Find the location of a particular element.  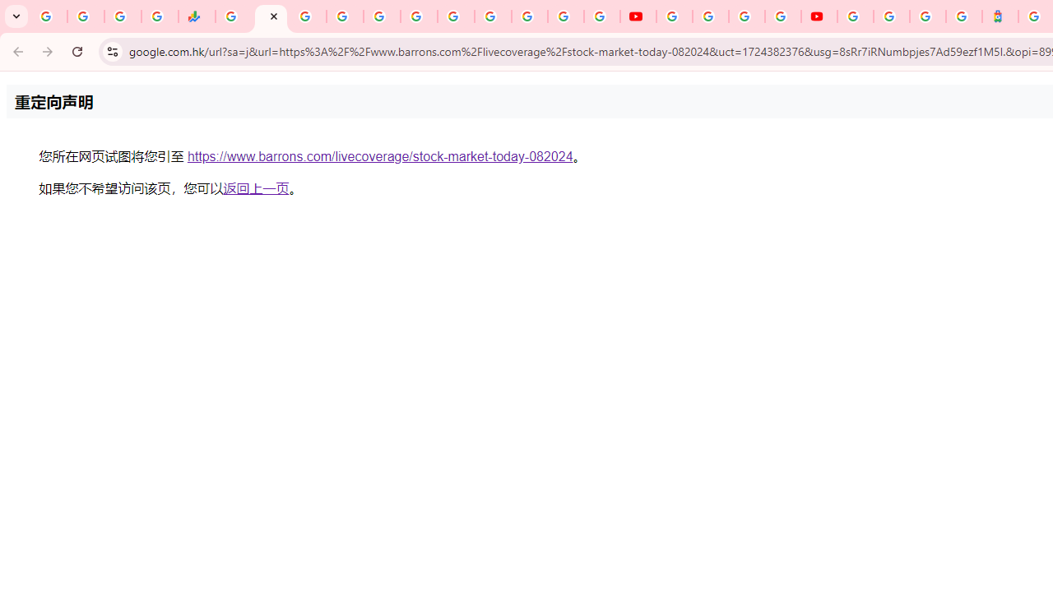

'YouTube' is located at coordinates (637, 16).